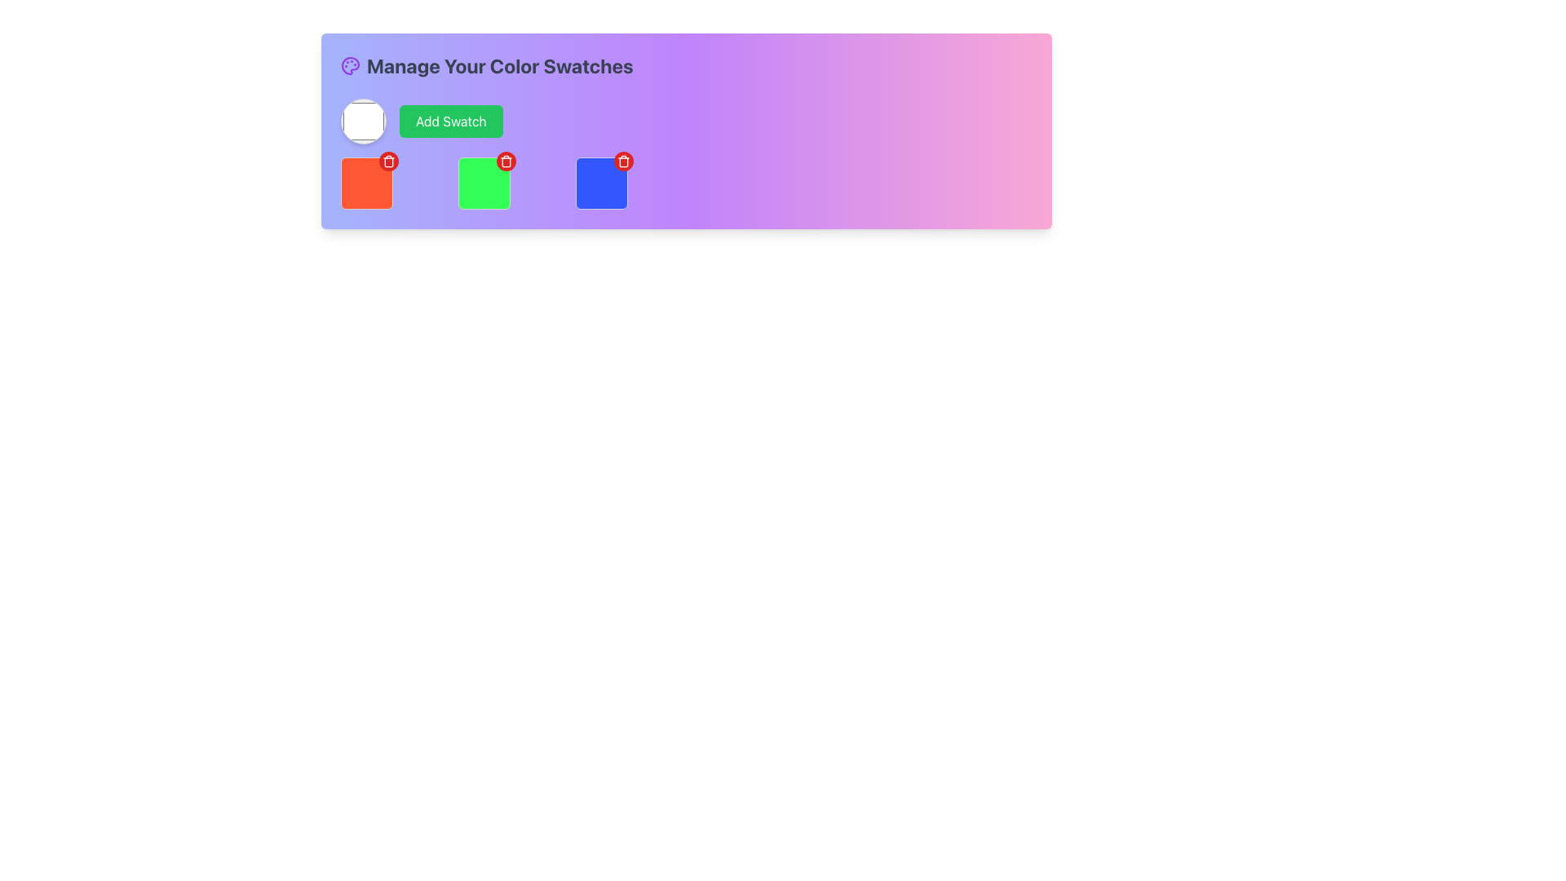 This screenshot has width=1566, height=881. I want to click on the red circular delete button located at the corner of the color swatch, so click(484, 183).